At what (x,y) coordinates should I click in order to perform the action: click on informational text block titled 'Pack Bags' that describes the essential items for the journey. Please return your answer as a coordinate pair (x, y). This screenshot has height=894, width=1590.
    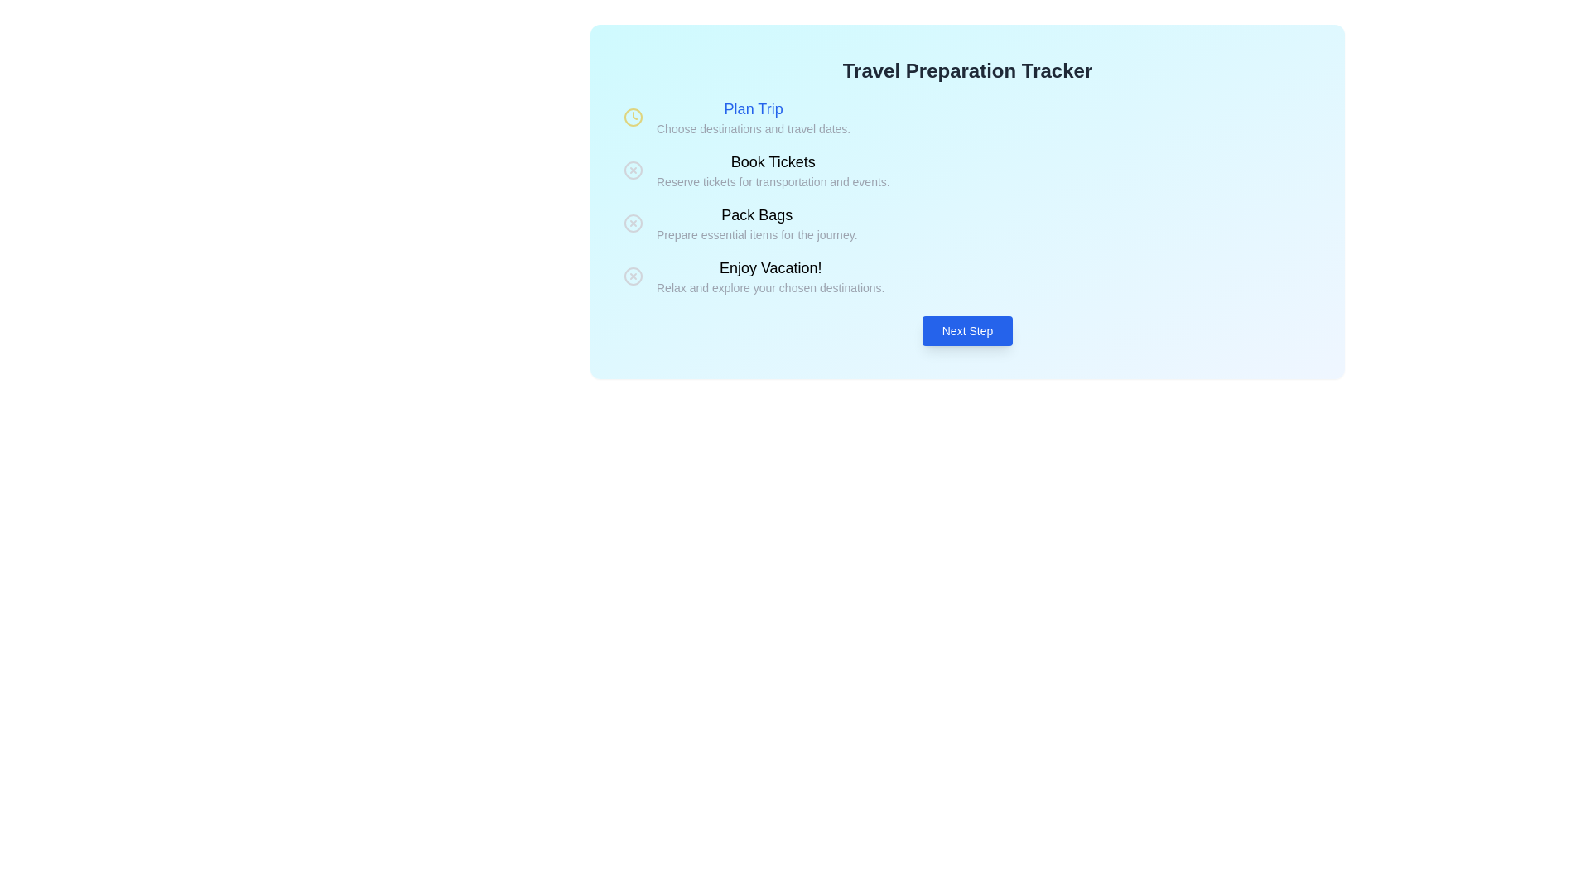
    Looking at the image, I should click on (756, 223).